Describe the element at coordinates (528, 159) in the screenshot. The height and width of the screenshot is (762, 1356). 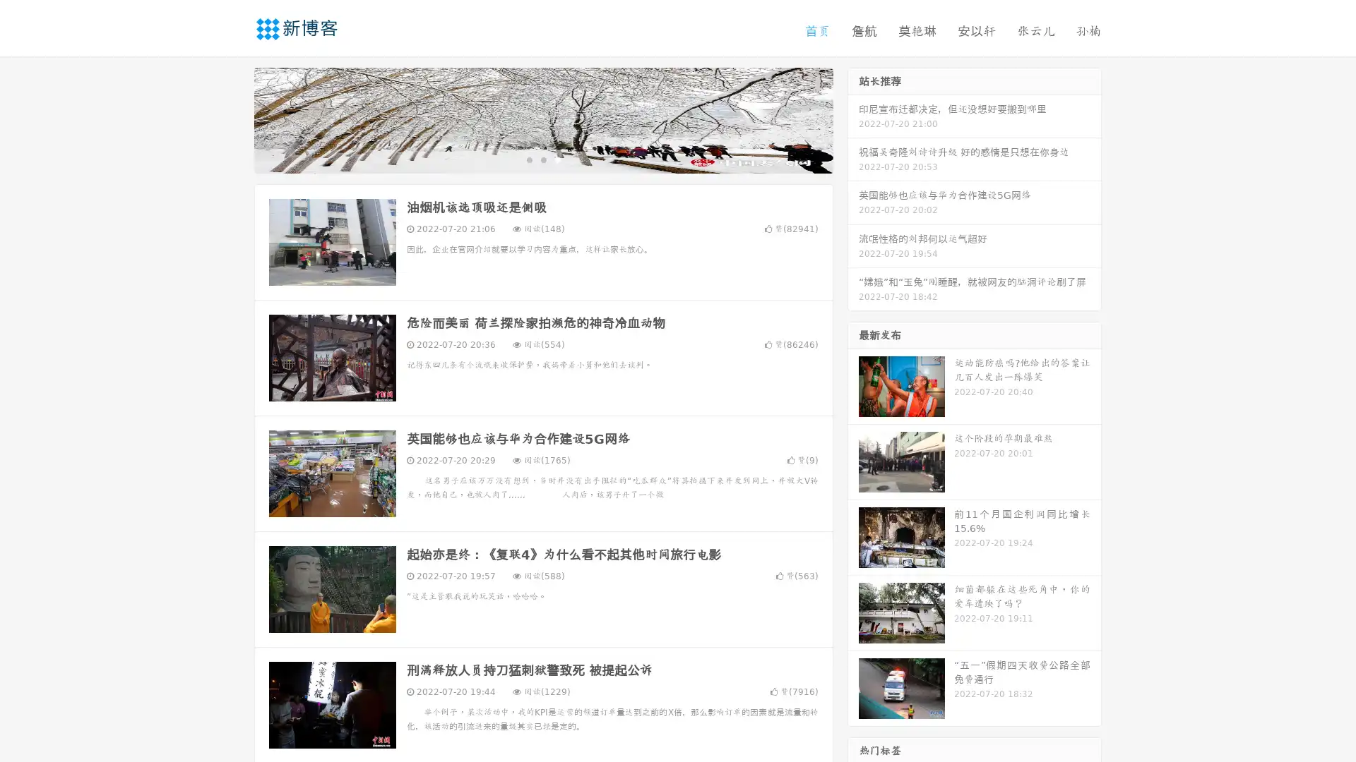
I see `Go to slide 1` at that location.